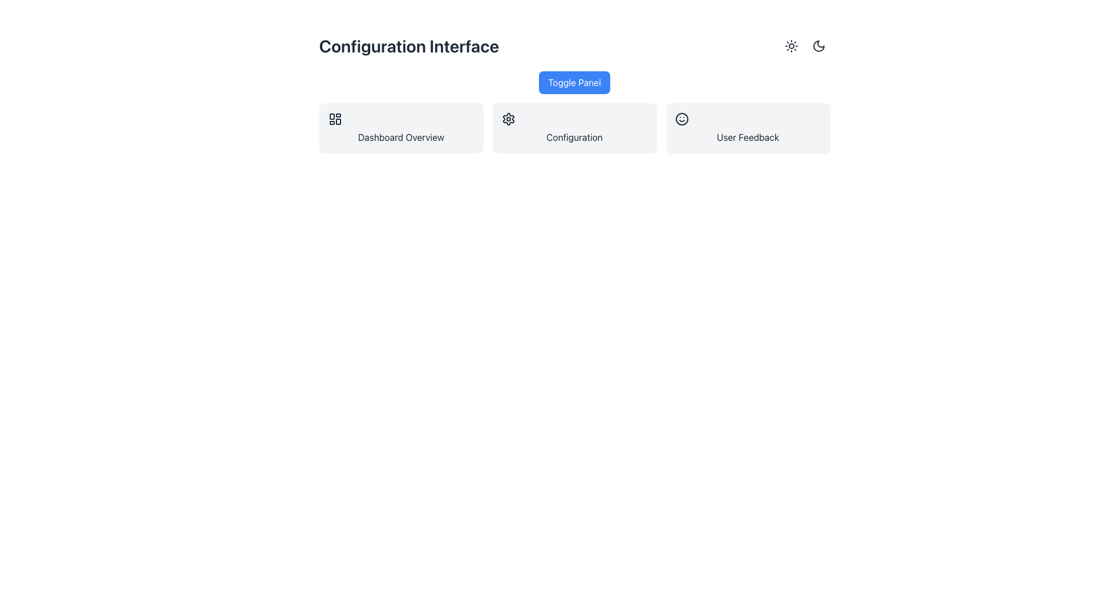 The image size is (1095, 616). Describe the element at coordinates (508, 119) in the screenshot. I see `the settings or configuration icon located in the middle section of the horizontal layout, which is inside a rectangular card labeled 'Configuration'` at that location.